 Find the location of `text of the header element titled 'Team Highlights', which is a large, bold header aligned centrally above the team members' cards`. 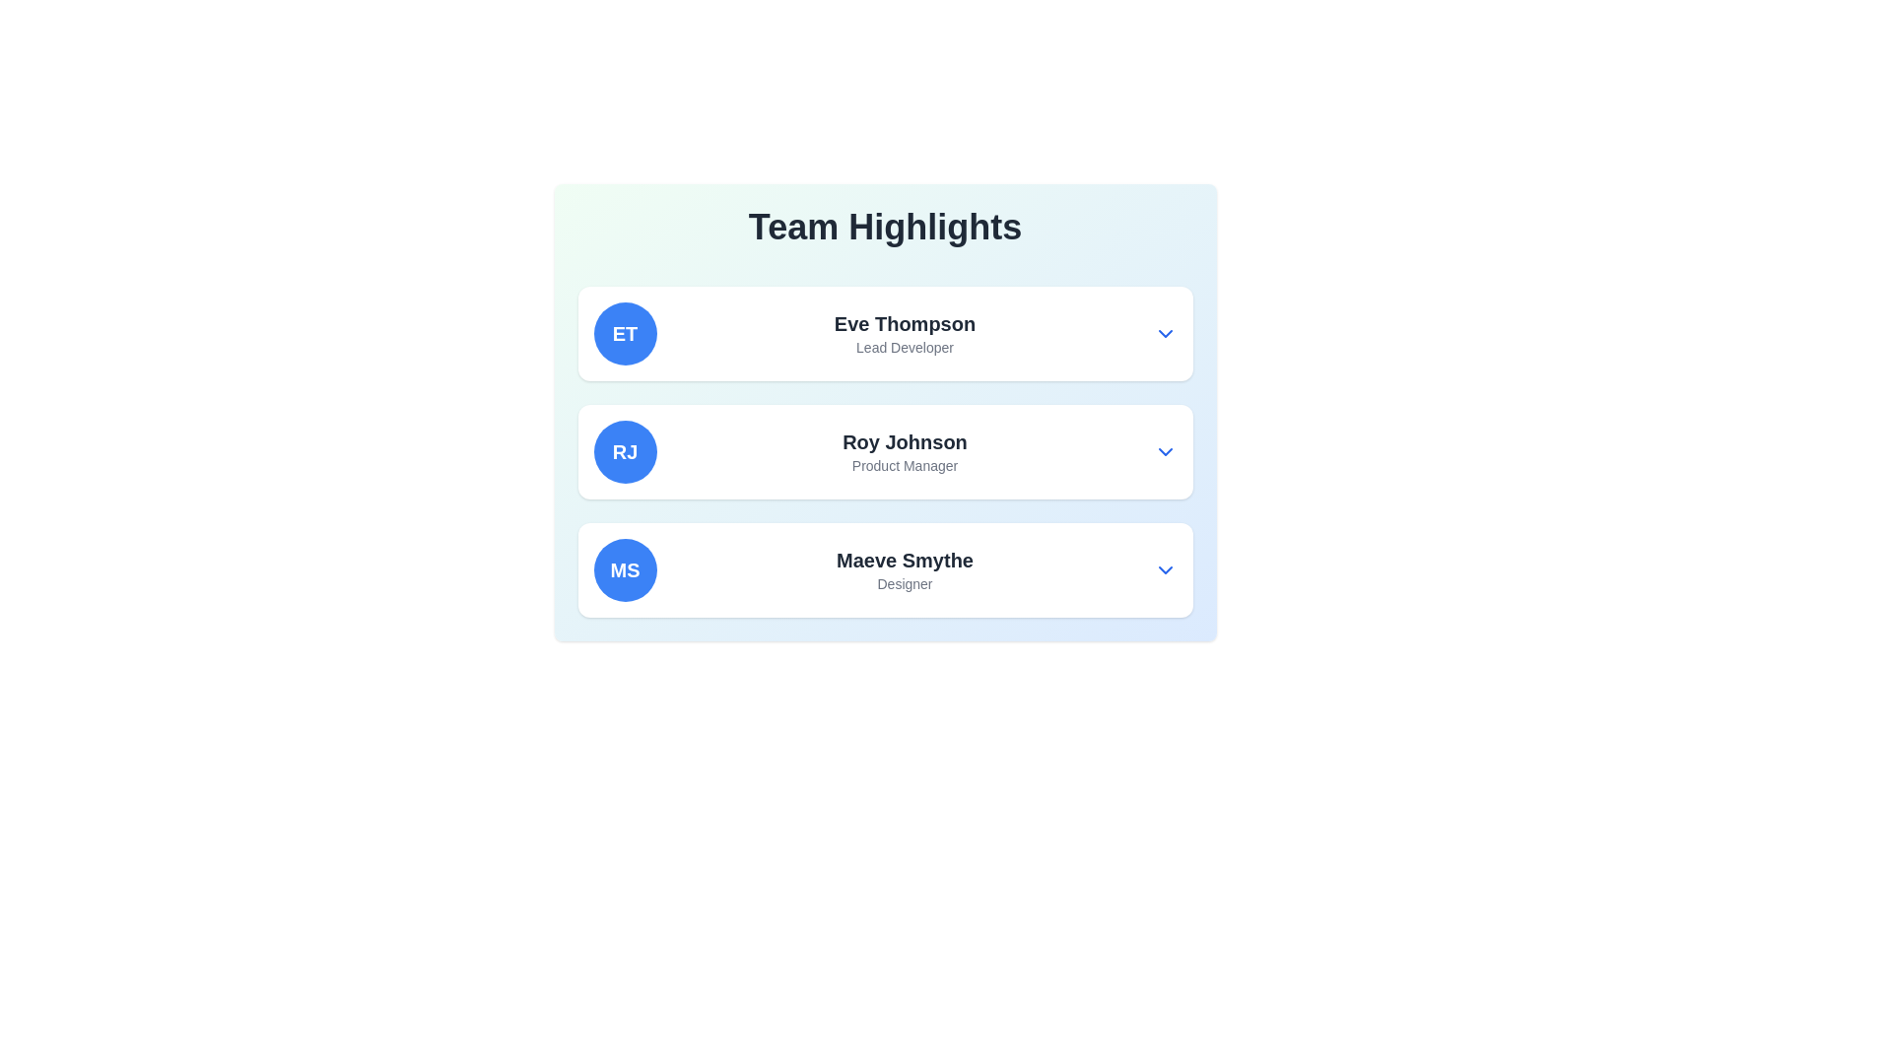

text of the header element titled 'Team Highlights', which is a large, bold header aligned centrally above the team members' cards is located at coordinates (884, 227).